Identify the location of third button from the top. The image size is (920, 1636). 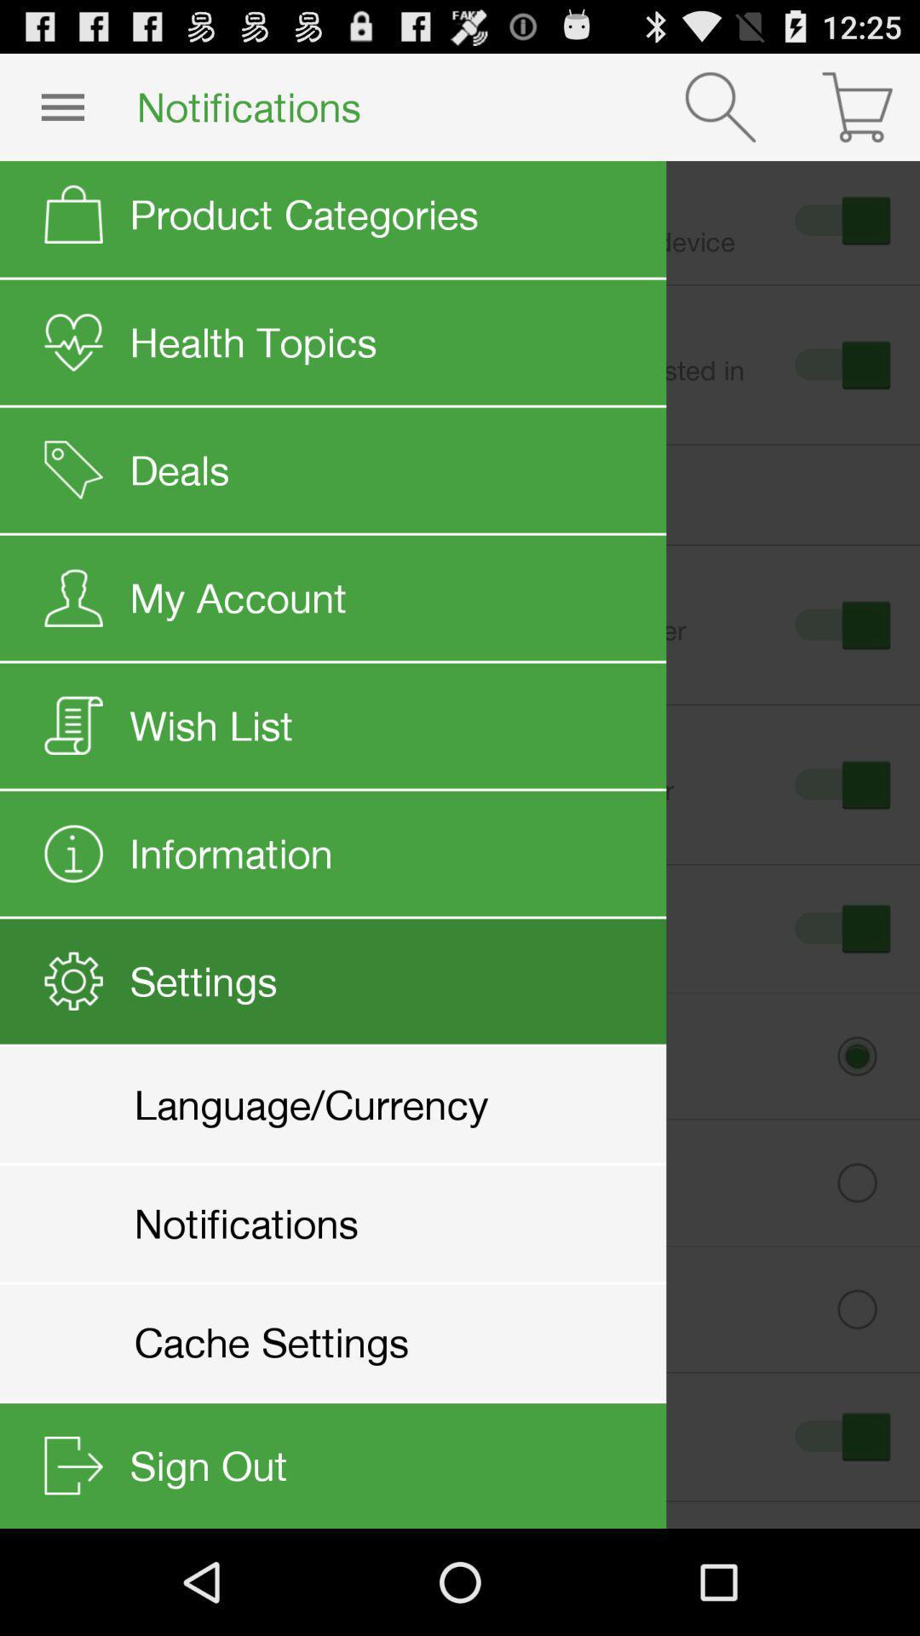
(839, 624).